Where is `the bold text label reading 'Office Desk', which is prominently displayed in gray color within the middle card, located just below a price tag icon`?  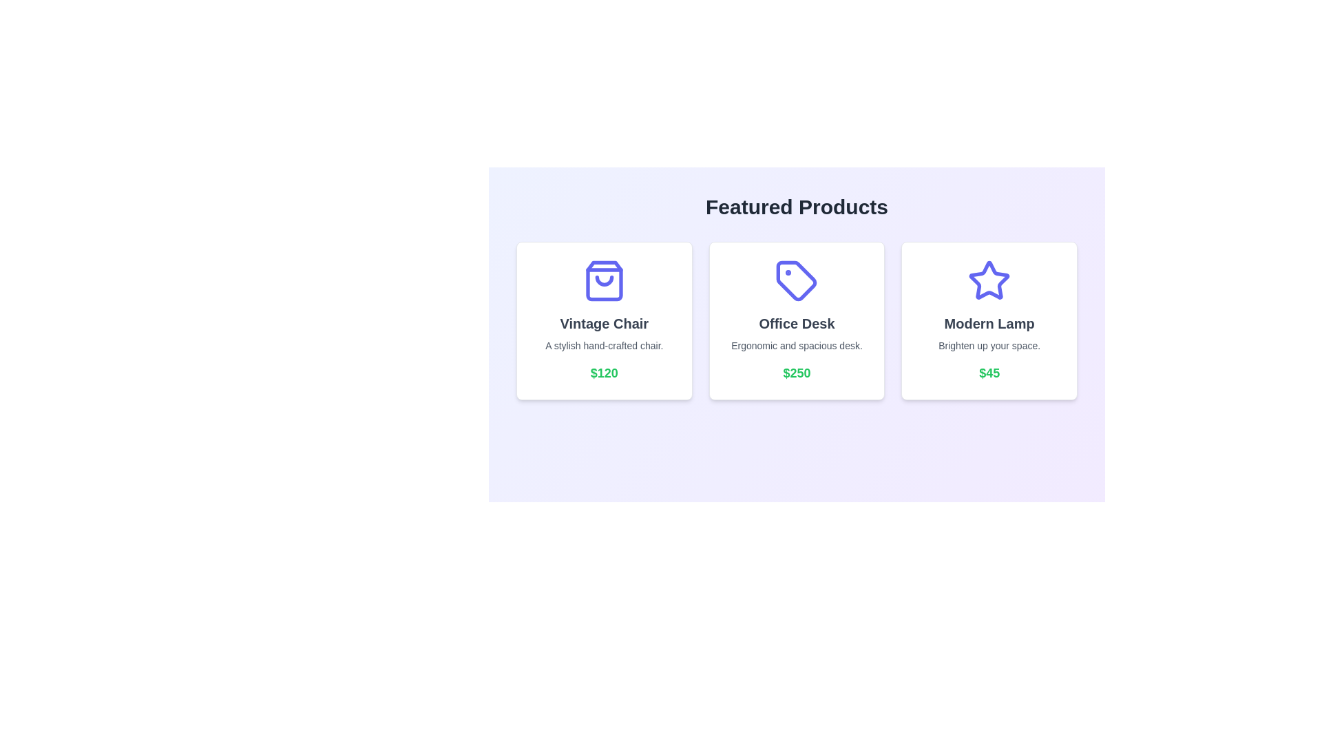 the bold text label reading 'Office Desk', which is prominently displayed in gray color within the middle card, located just below a price tag icon is located at coordinates (797, 324).